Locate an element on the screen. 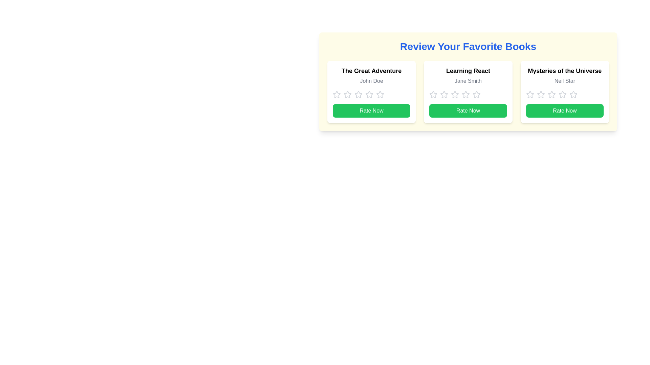 The image size is (650, 365). the 'Rate Now' button located below the book title 'The Great Adventure' by John Doe to initiate the rating action is located at coordinates (371, 110).